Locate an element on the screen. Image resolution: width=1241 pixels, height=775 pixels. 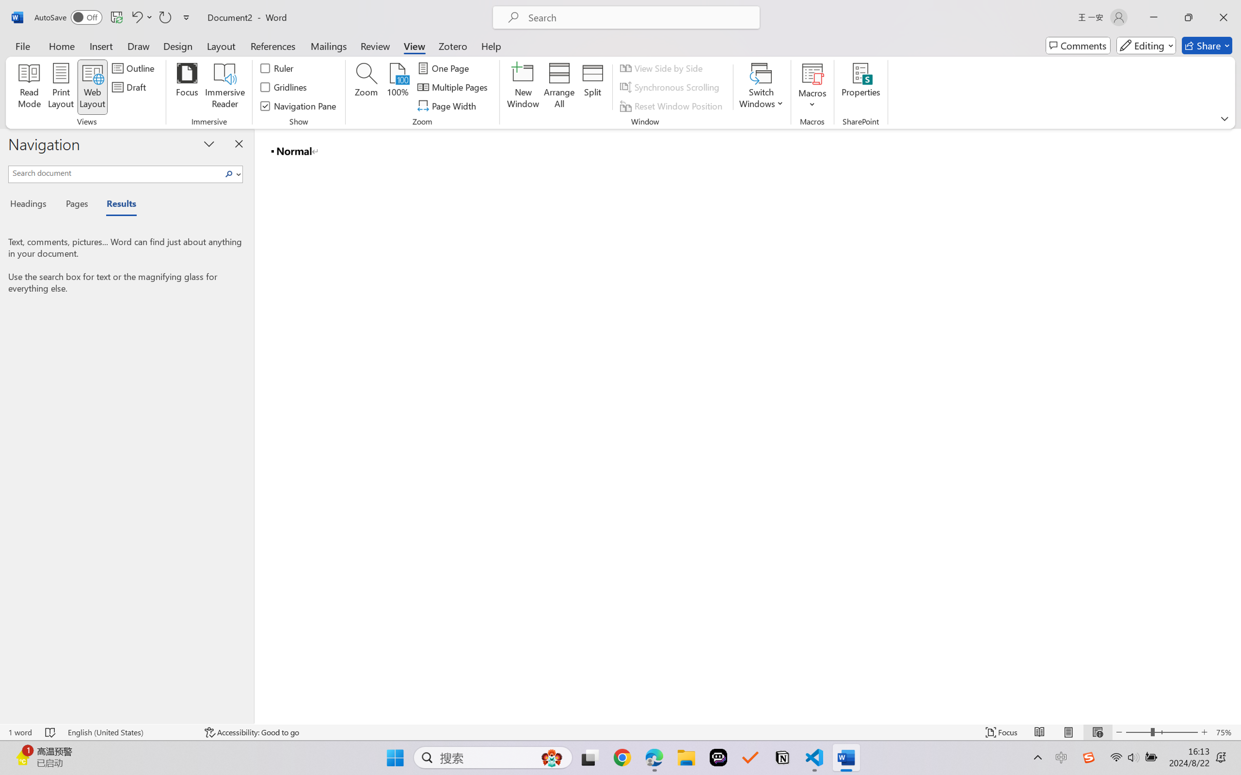
'Properties' is located at coordinates (860, 87).